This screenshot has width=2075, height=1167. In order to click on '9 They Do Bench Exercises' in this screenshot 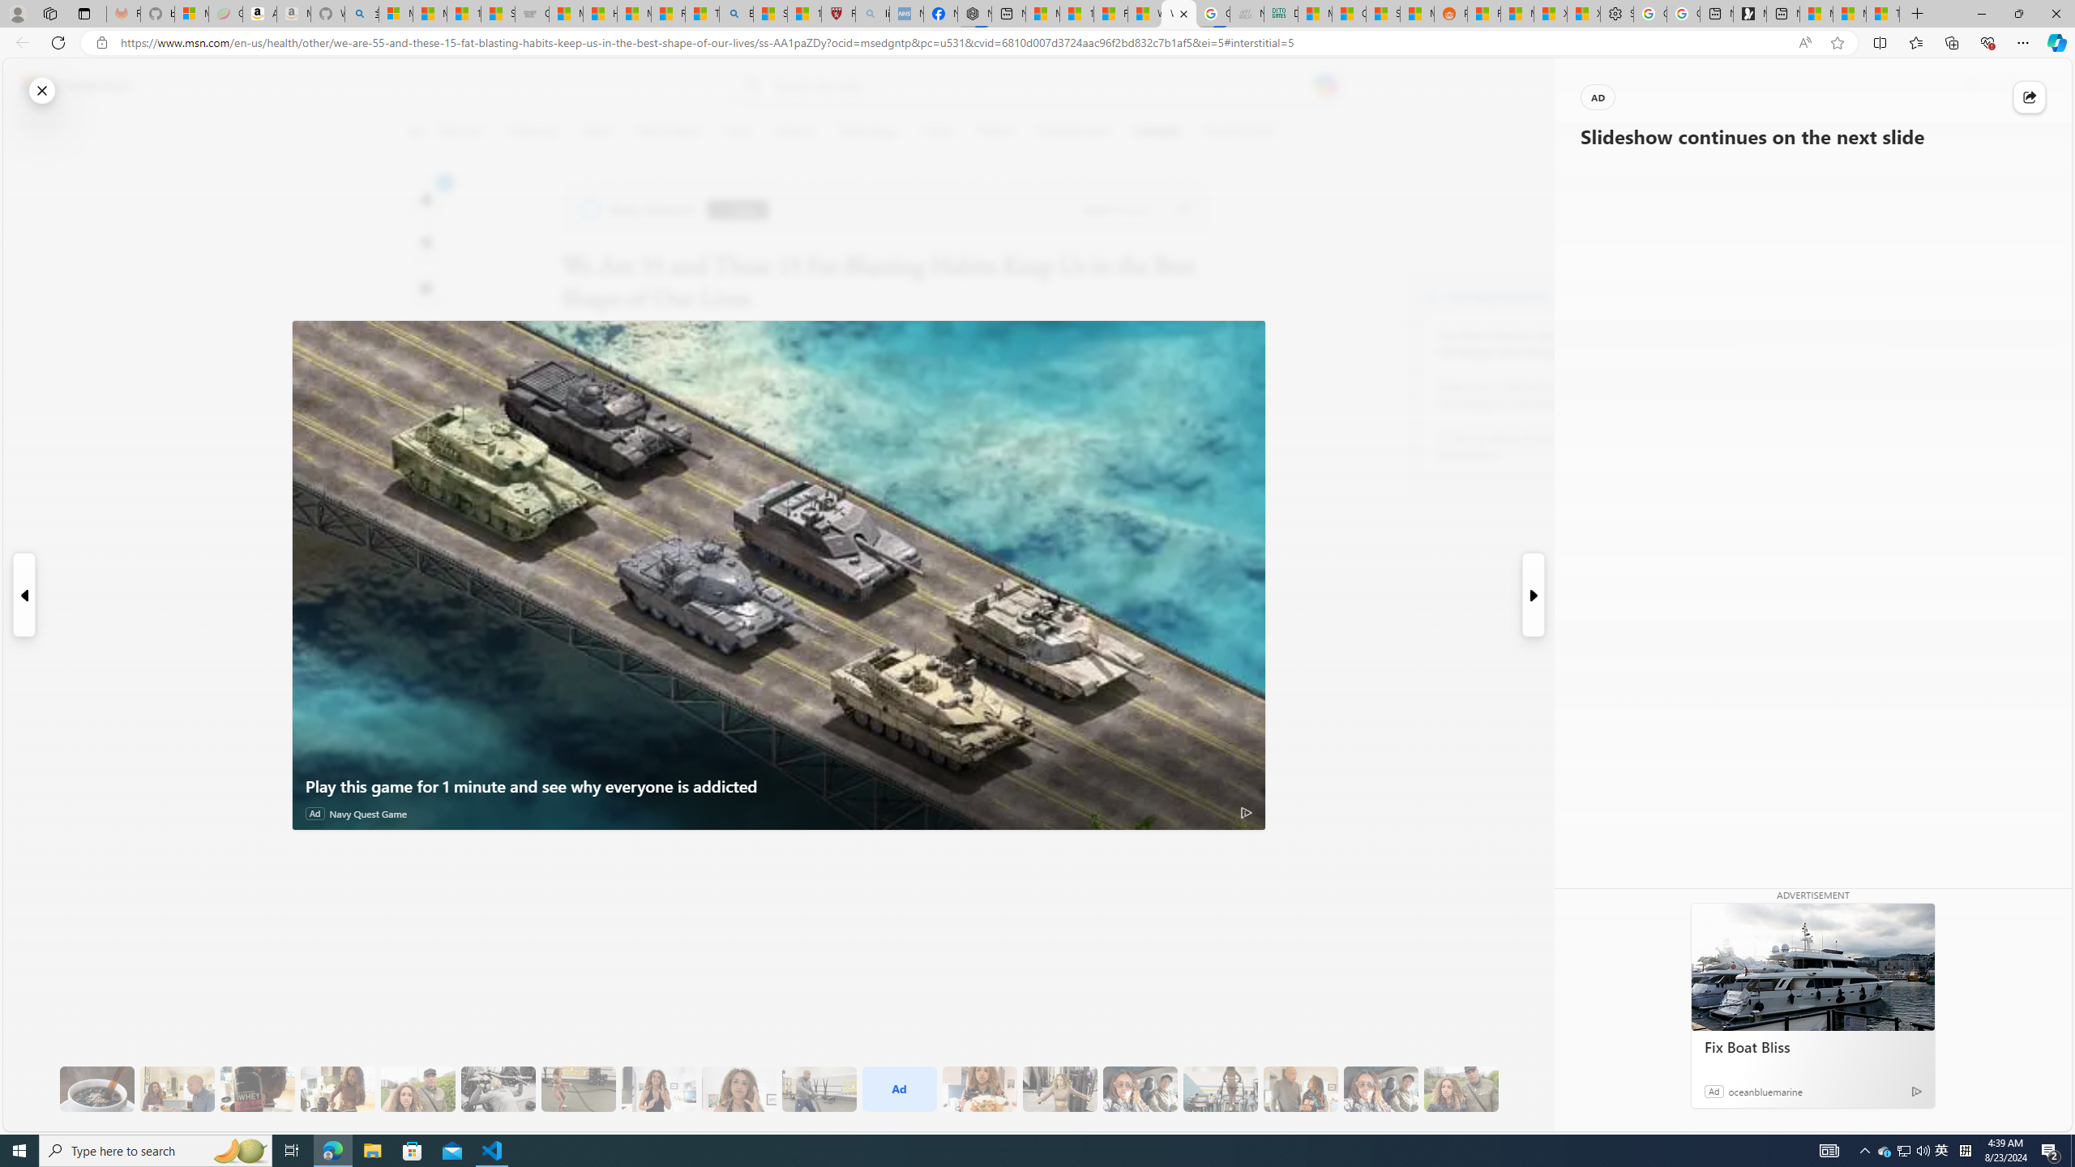, I will do `click(497, 1089)`.